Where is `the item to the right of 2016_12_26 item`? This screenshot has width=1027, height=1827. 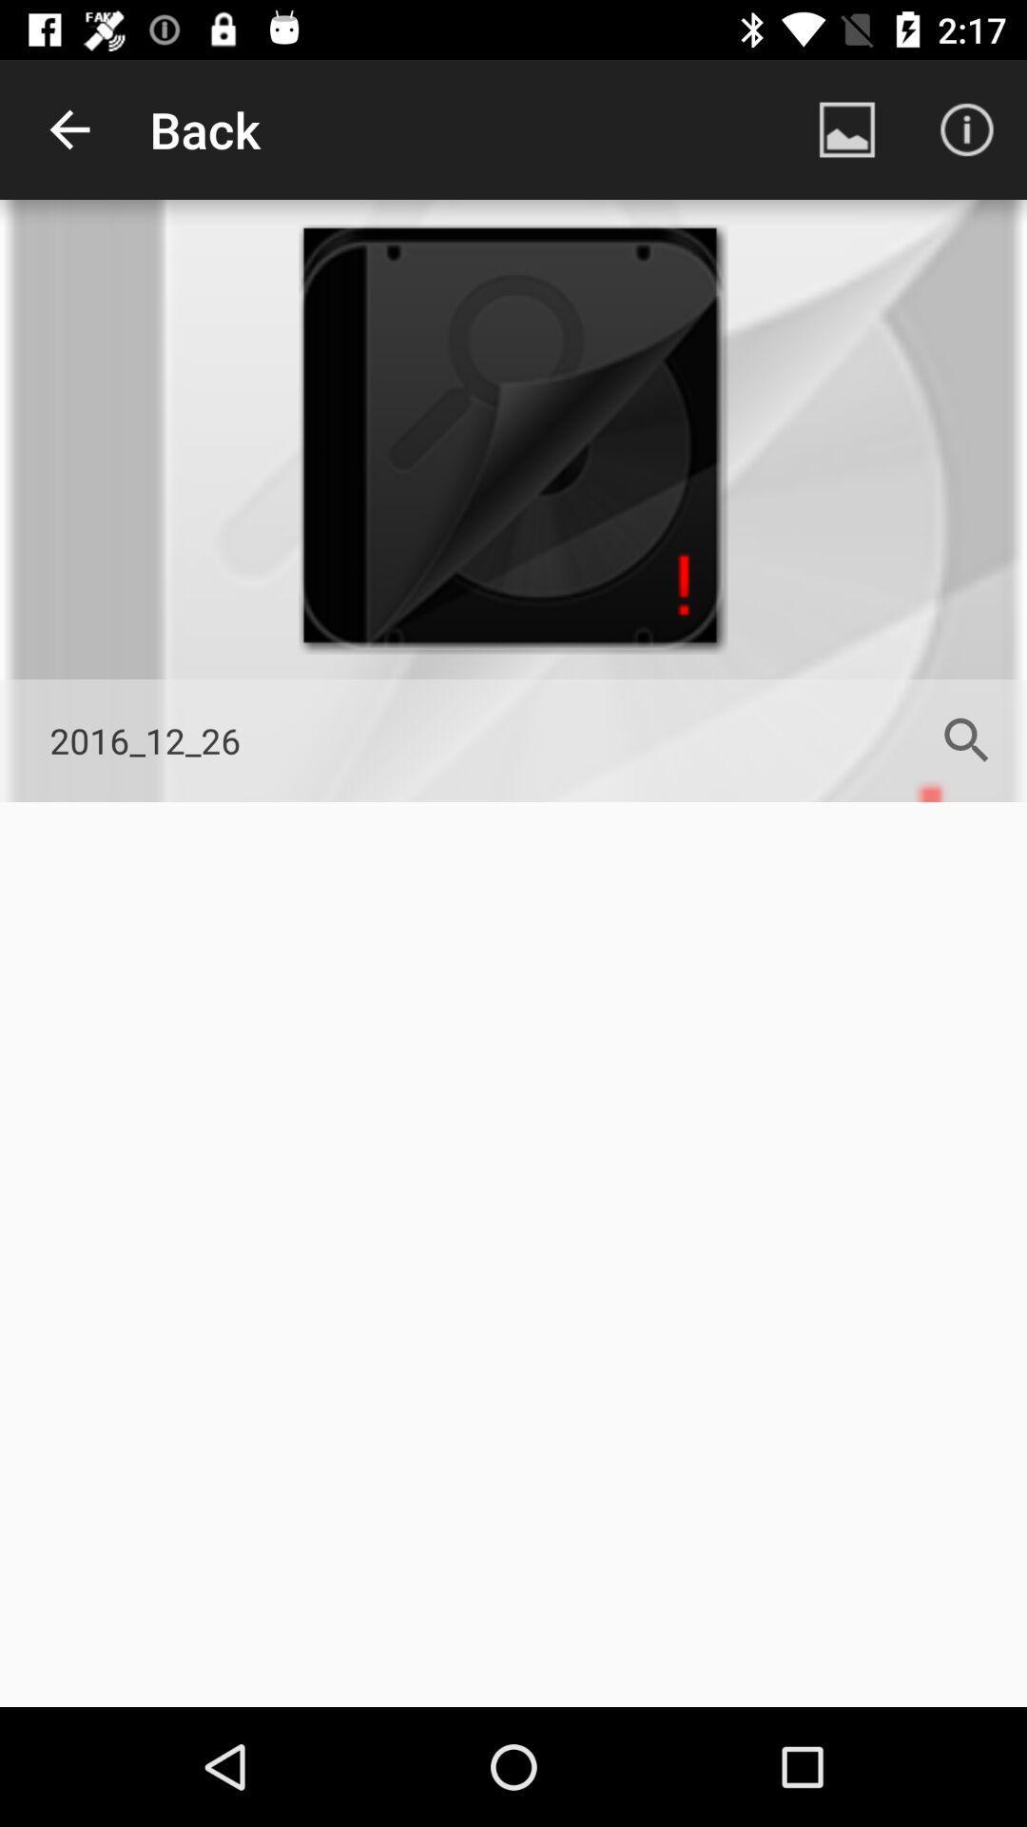 the item to the right of 2016_12_26 item is located at coordinates (967, 739).